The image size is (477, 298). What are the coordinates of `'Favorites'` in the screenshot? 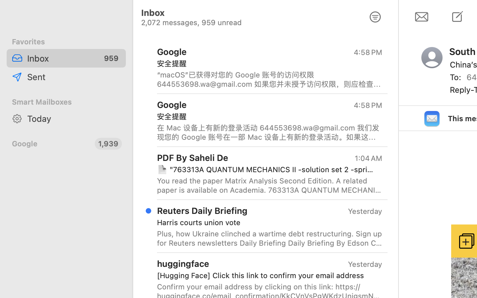 It's located at (66, 42).